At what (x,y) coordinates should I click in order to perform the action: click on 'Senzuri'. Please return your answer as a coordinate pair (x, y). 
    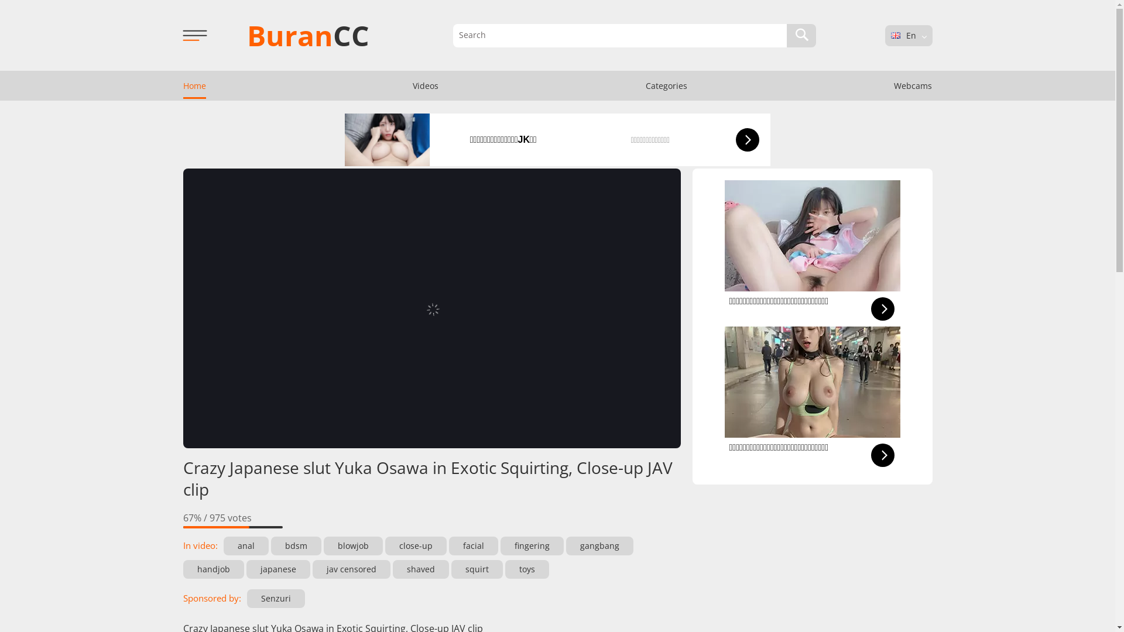
    Looking at the image, I should click on (275, 598).